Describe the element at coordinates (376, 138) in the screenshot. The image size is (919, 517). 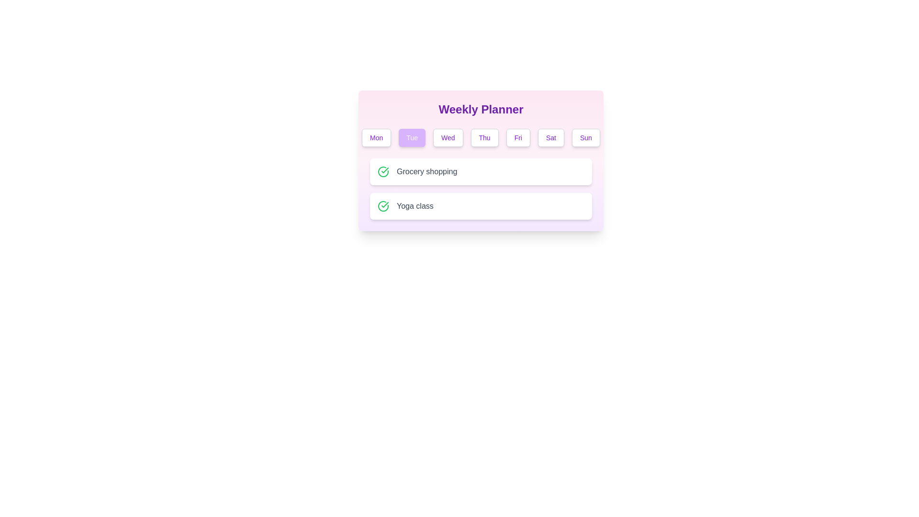
I see `the button corresponding to Mon to select it` at that location.